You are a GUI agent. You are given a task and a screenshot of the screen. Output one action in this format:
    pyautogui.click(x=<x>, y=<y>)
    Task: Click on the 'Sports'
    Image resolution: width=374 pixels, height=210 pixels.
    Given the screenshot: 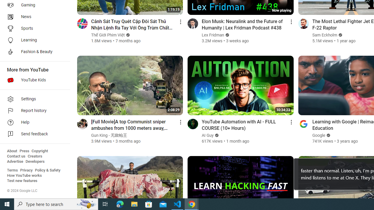 What is the action you would take?
    pyautogui.click(x=33, y=28)
    